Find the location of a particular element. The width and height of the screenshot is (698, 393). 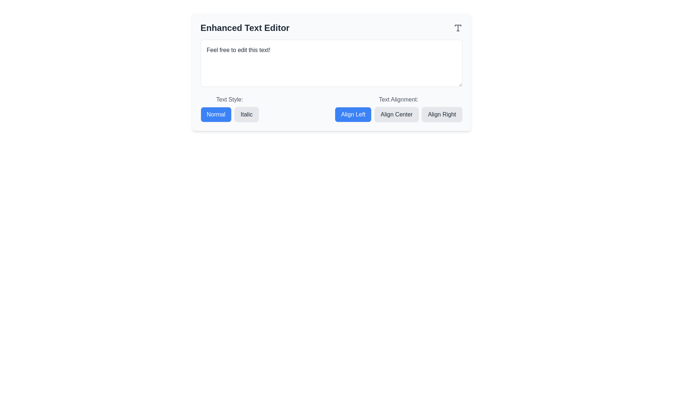

the 'Normal' text style button located beneath the 'Text Style:' label is located at coordinates (229, 109).